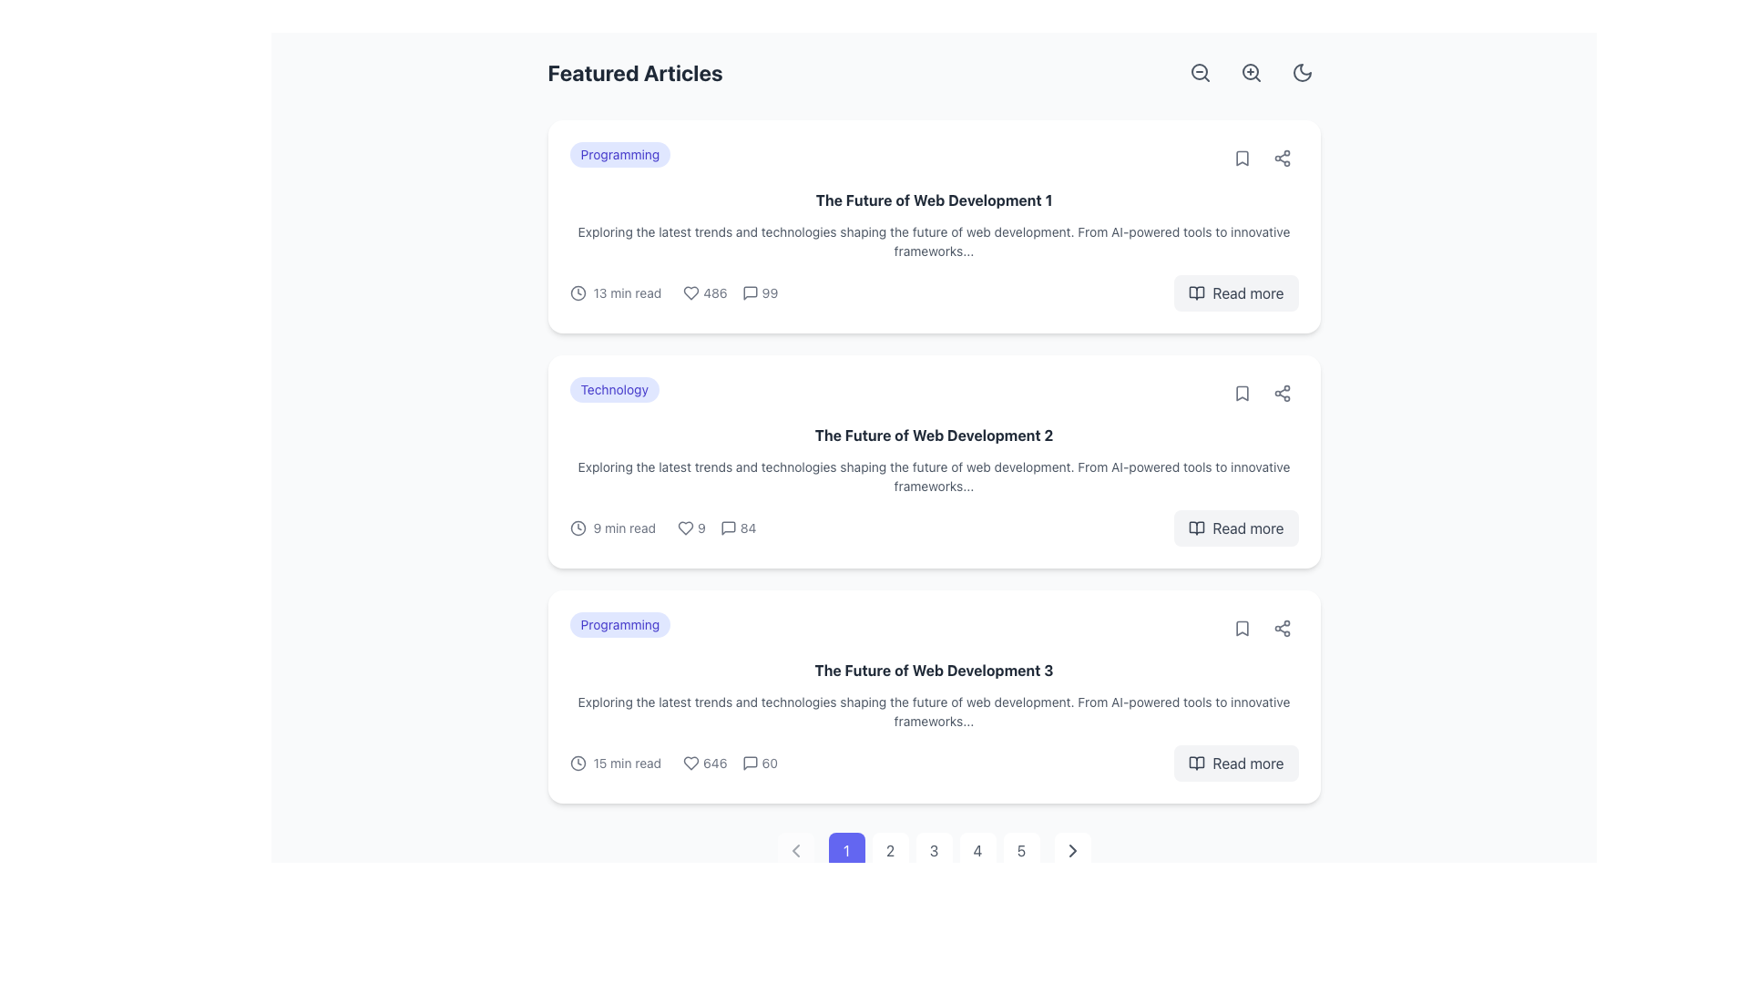 This screenshot has width=1749, height=984. What do you see at coordinates (727, 528) in the screenshot?
I see `the small gray speech bubble icon located in the middle of the comment summary section of the second article card` at bounding box center [727, 528].